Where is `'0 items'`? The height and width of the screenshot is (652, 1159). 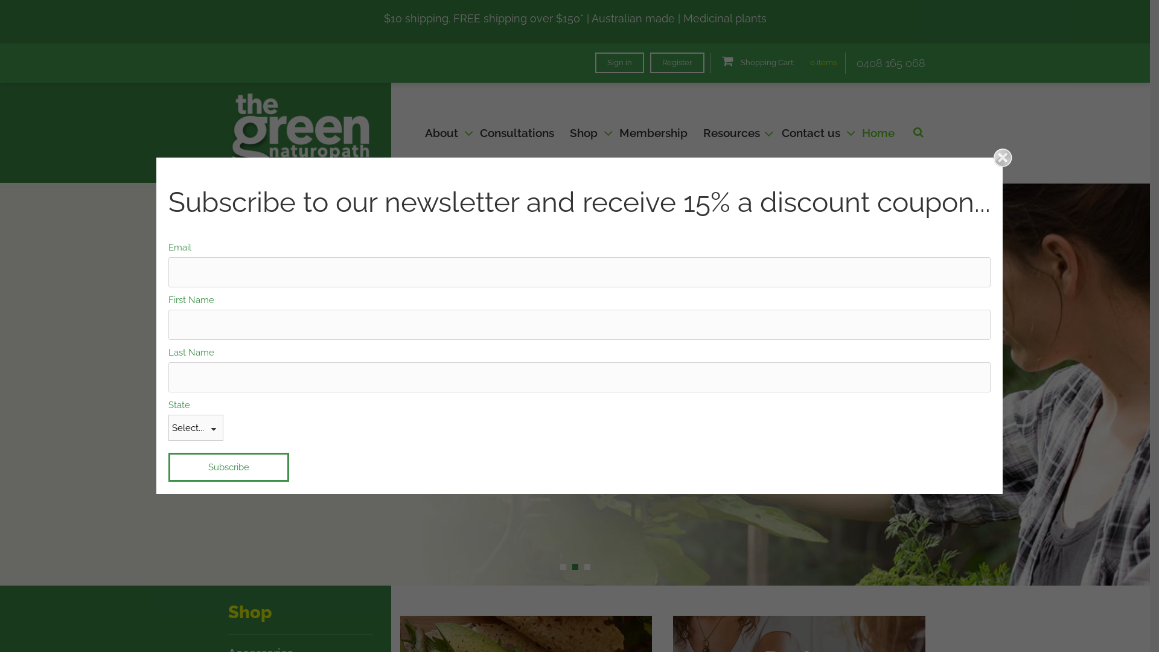
'0 items' is located at coordinates (822, 63).